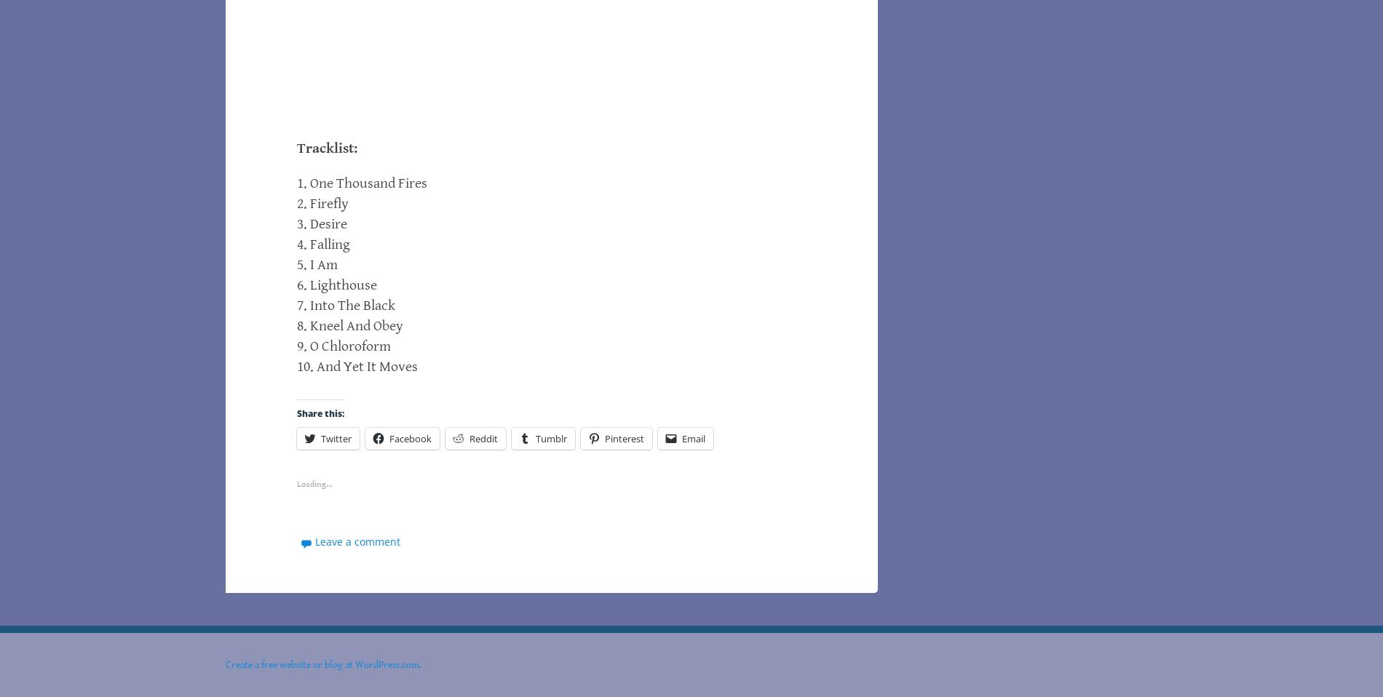  What do you see at coordinates (296, 346) in the screenshot?
I see `'9. O Chloroform'` at bounding box center [296, 346].